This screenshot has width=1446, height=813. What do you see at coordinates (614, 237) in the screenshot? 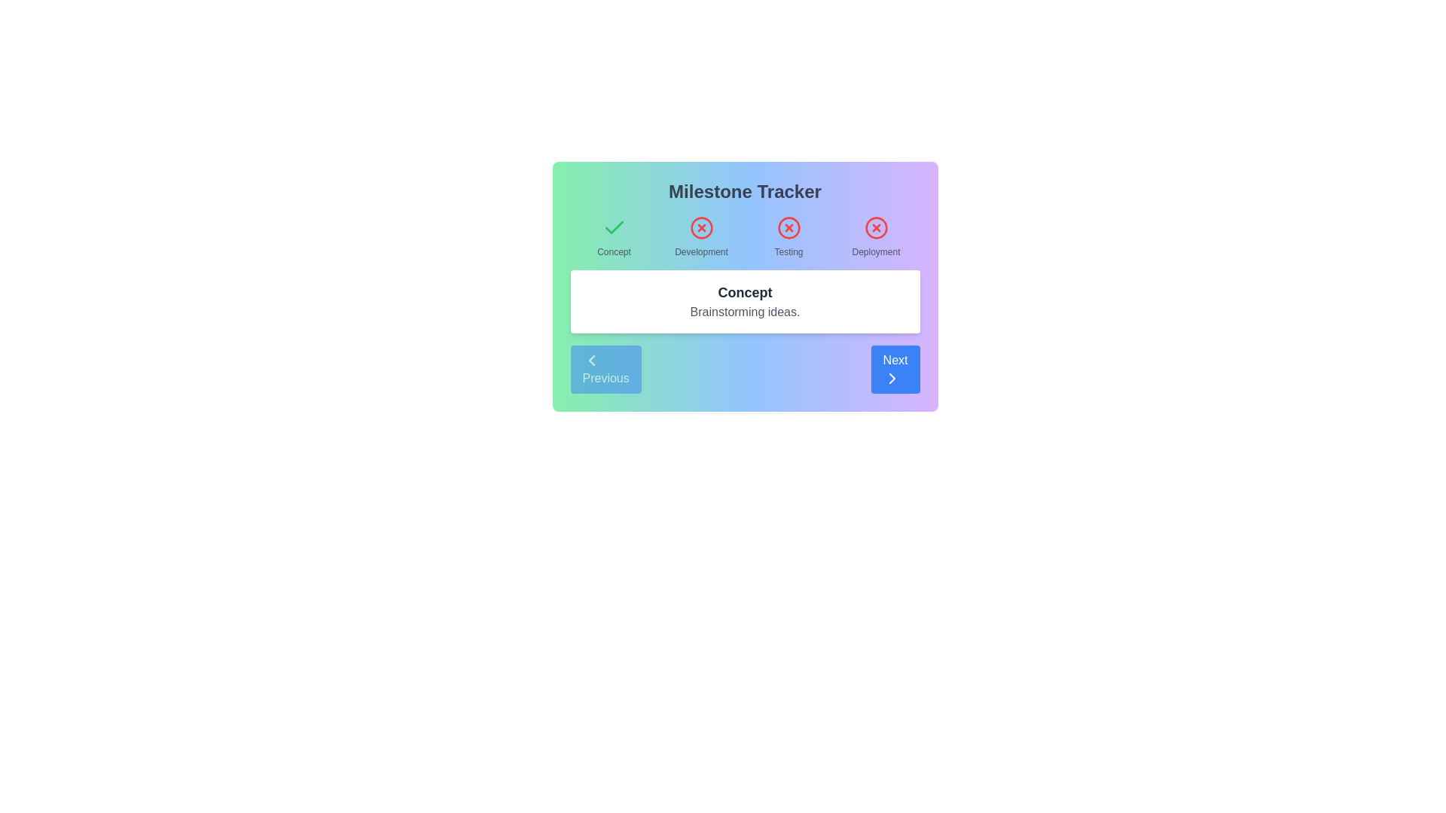
I see `the status of the 'Concept' phase indicator, which is the first status indicator among four in a milestone tracking interface, visually represented with a green checkmark` at bounding box center [614, 237].